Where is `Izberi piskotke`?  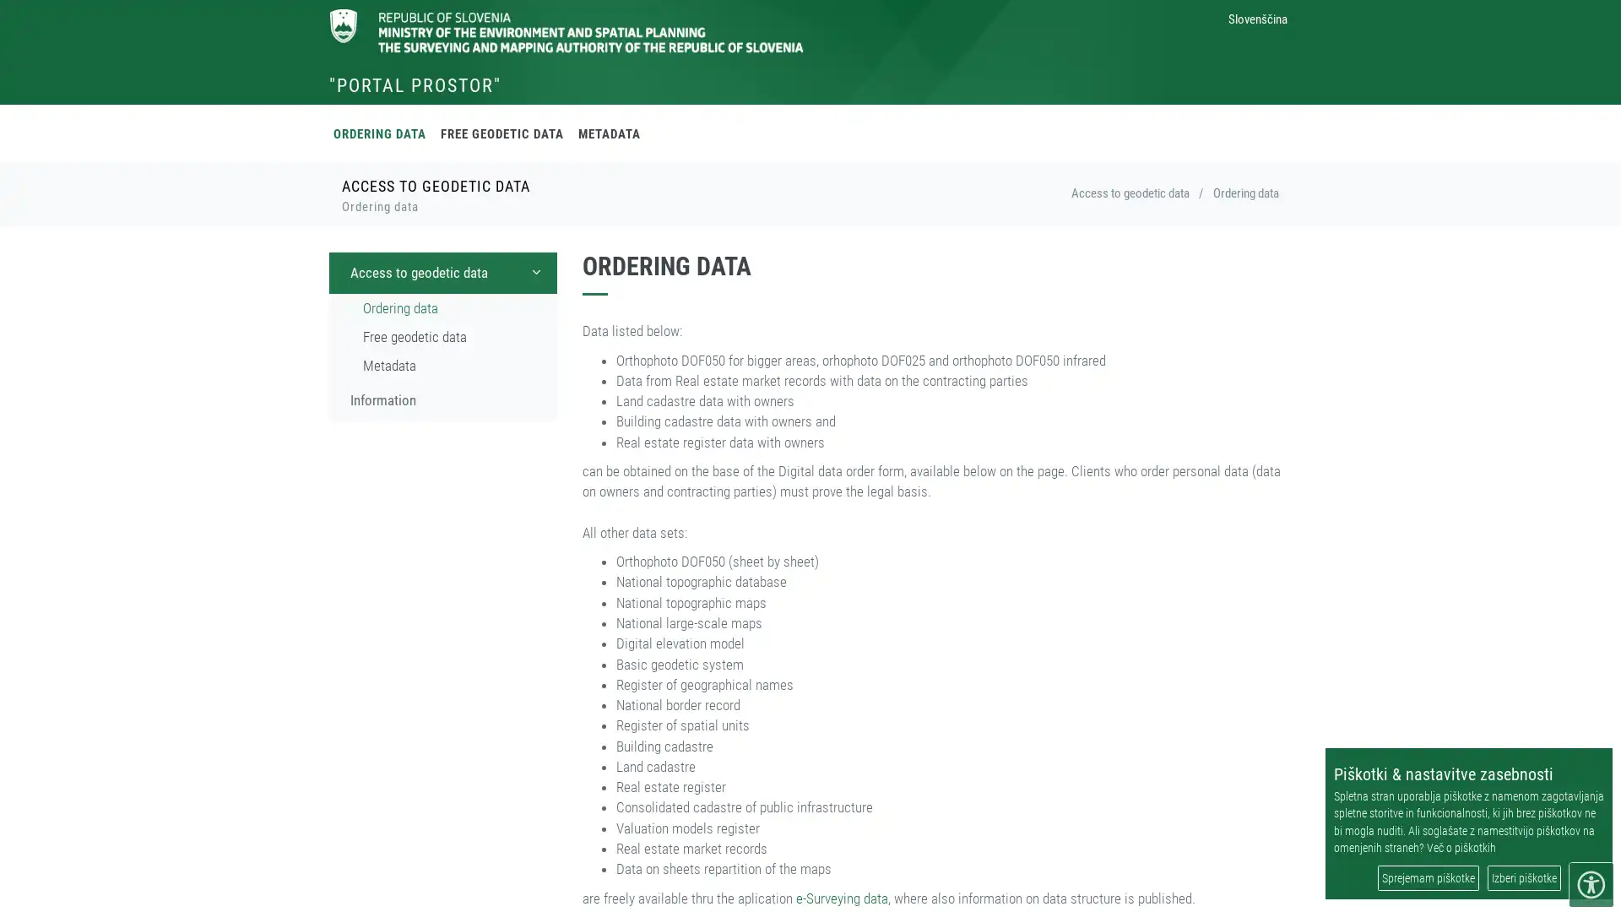 Izberi piskotke is located at coordinates (1523, 877).